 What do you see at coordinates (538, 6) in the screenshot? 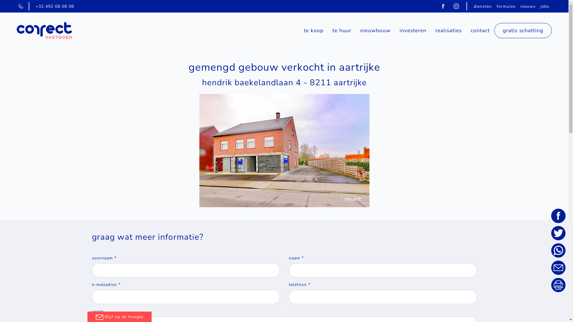
I see `'jobs'` at bounding box center [538, 6].